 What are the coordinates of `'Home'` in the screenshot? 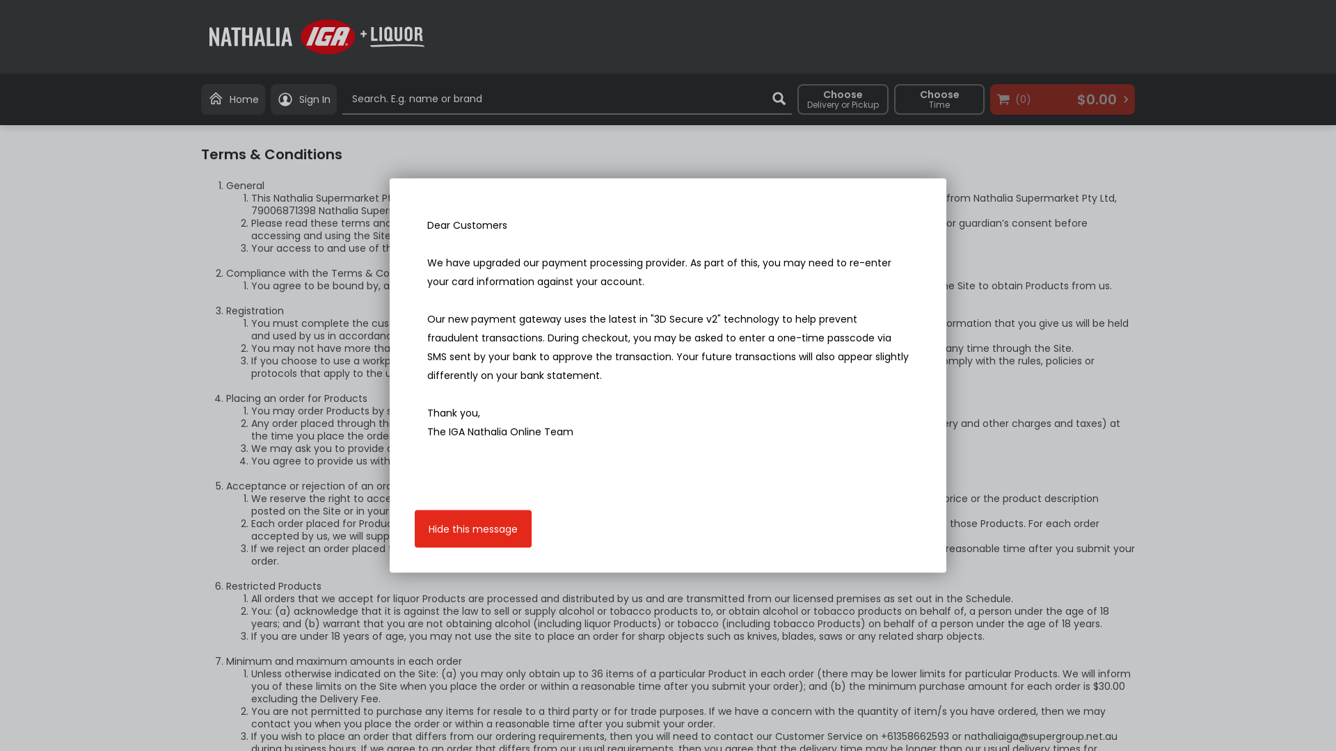 It's located at (233, 98).